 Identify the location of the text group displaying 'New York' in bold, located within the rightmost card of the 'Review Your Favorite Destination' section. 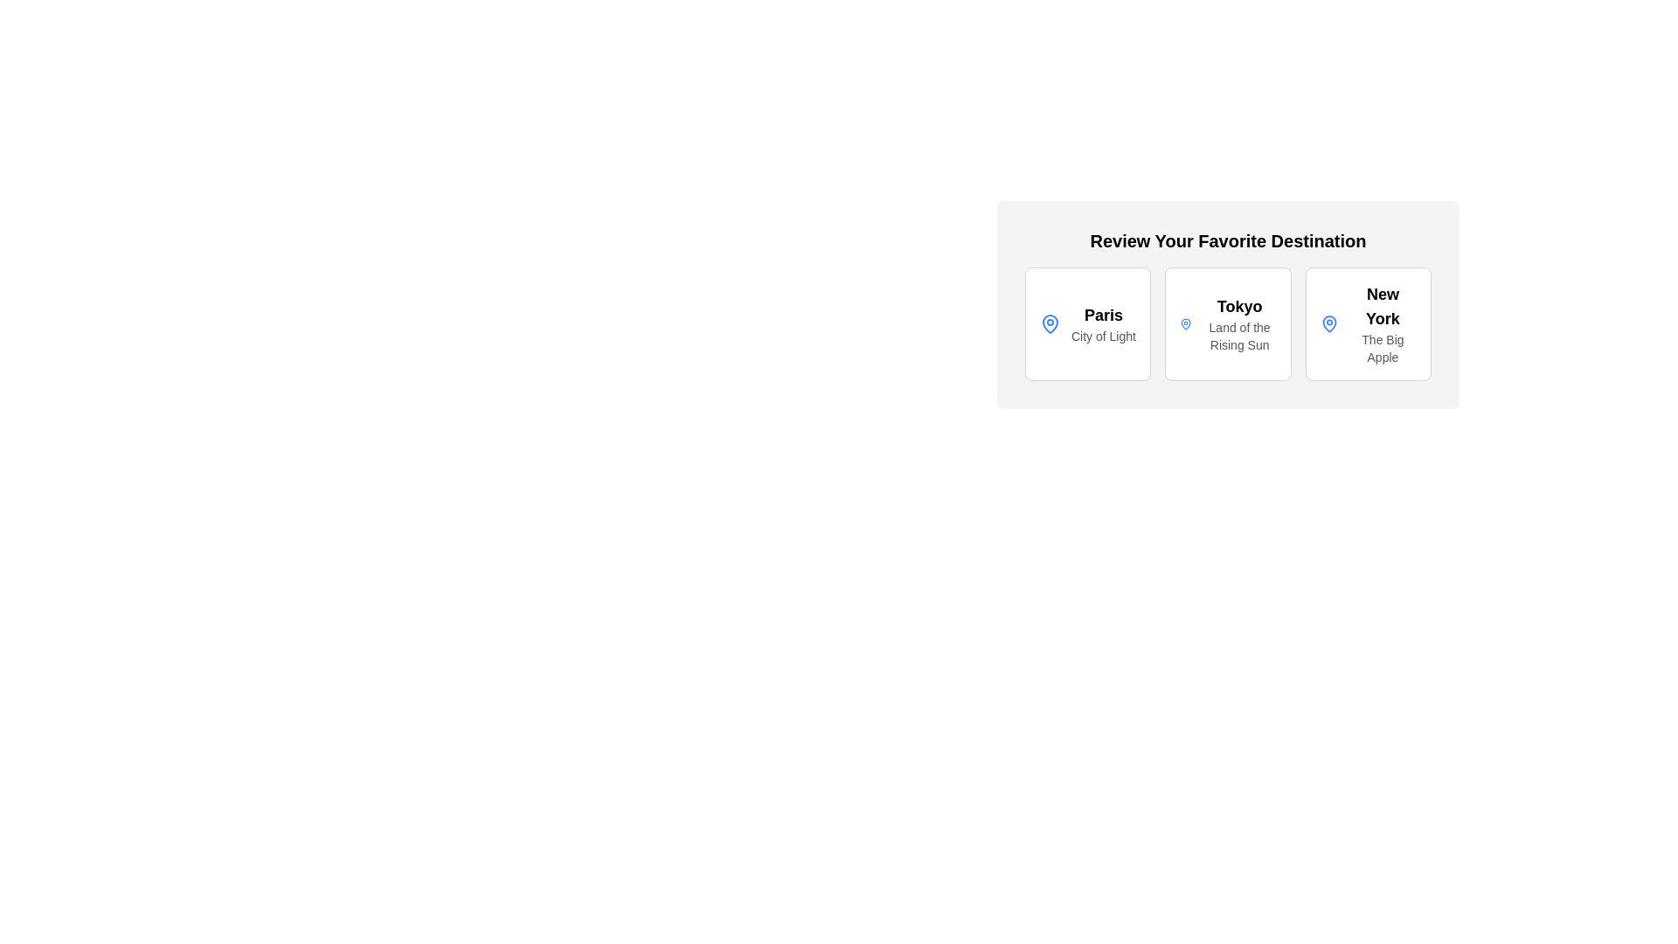
(1382, 323).